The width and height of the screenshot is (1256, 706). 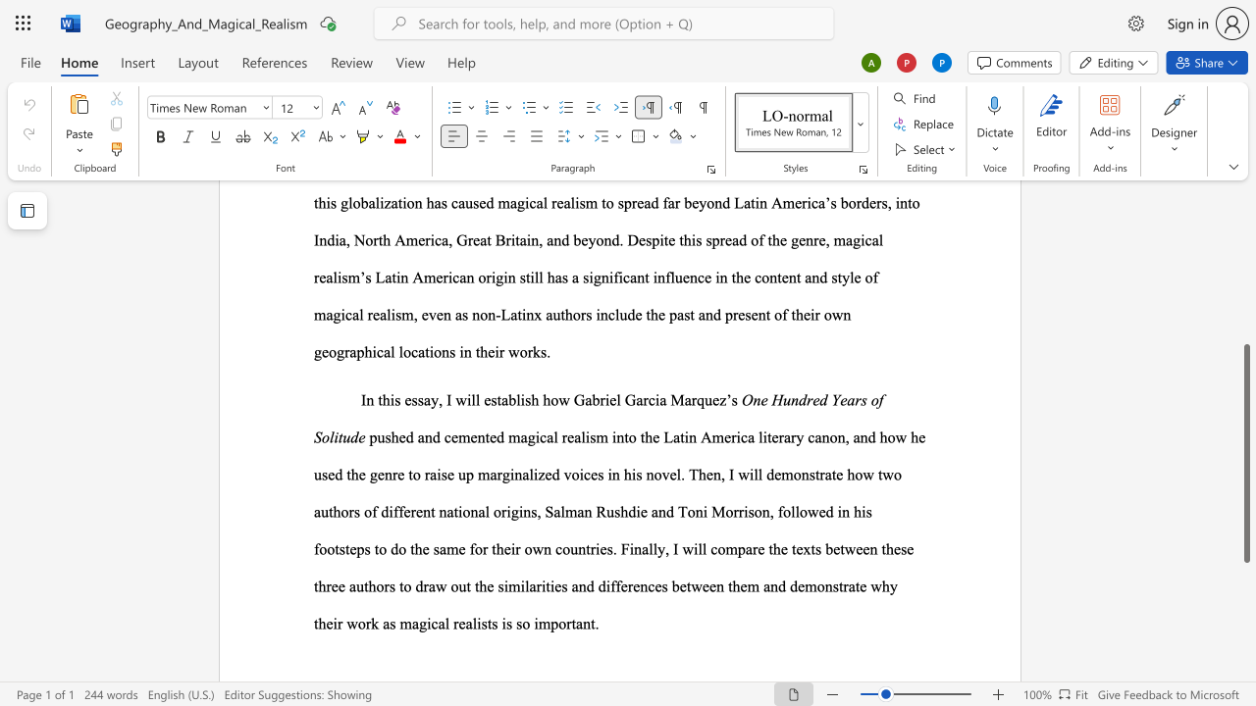 What do you see at coordinates (1245, 304) in the screenshot?
I see `the scrollbar to scroll the page up` at bounding box center [1245, 304].